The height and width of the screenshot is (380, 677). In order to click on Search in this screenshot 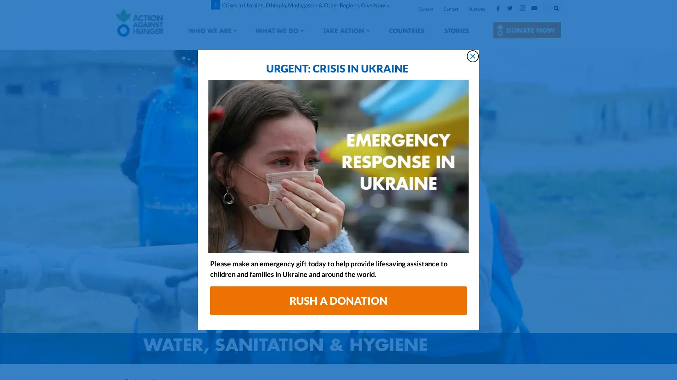, I will do `click(563, 7)`.